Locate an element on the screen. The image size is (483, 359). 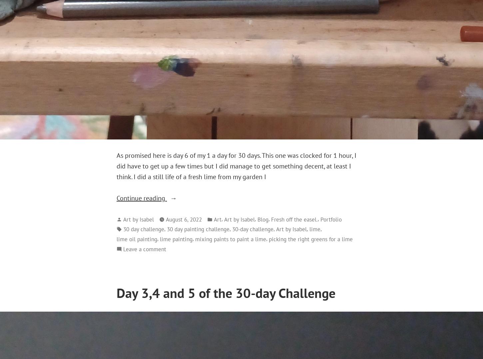
'30-day challenge' is located at coordinates (232, 229).